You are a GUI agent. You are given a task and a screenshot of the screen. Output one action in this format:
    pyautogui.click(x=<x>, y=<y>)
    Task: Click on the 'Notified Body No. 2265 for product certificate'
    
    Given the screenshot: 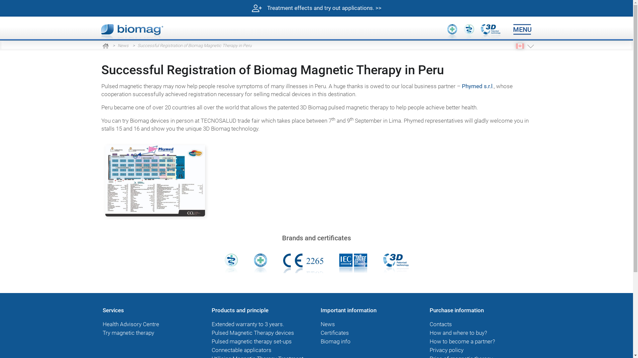 What is the action you would take?
    pyautogui.click(x=303, y=262)
    